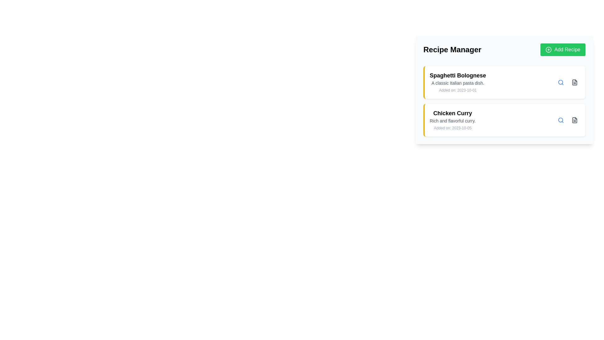 The height and width of the screenshot is (340, 604). What do you see at coordinates (452, 128) in the screenshot?
I see `the Text label displaying the date of when the recipe was added, located at the bottom-right section of the card, after the title 'Chicken Curry' and the description text 'Rich and flavorful curry.'` at bounding box center [452, 128].